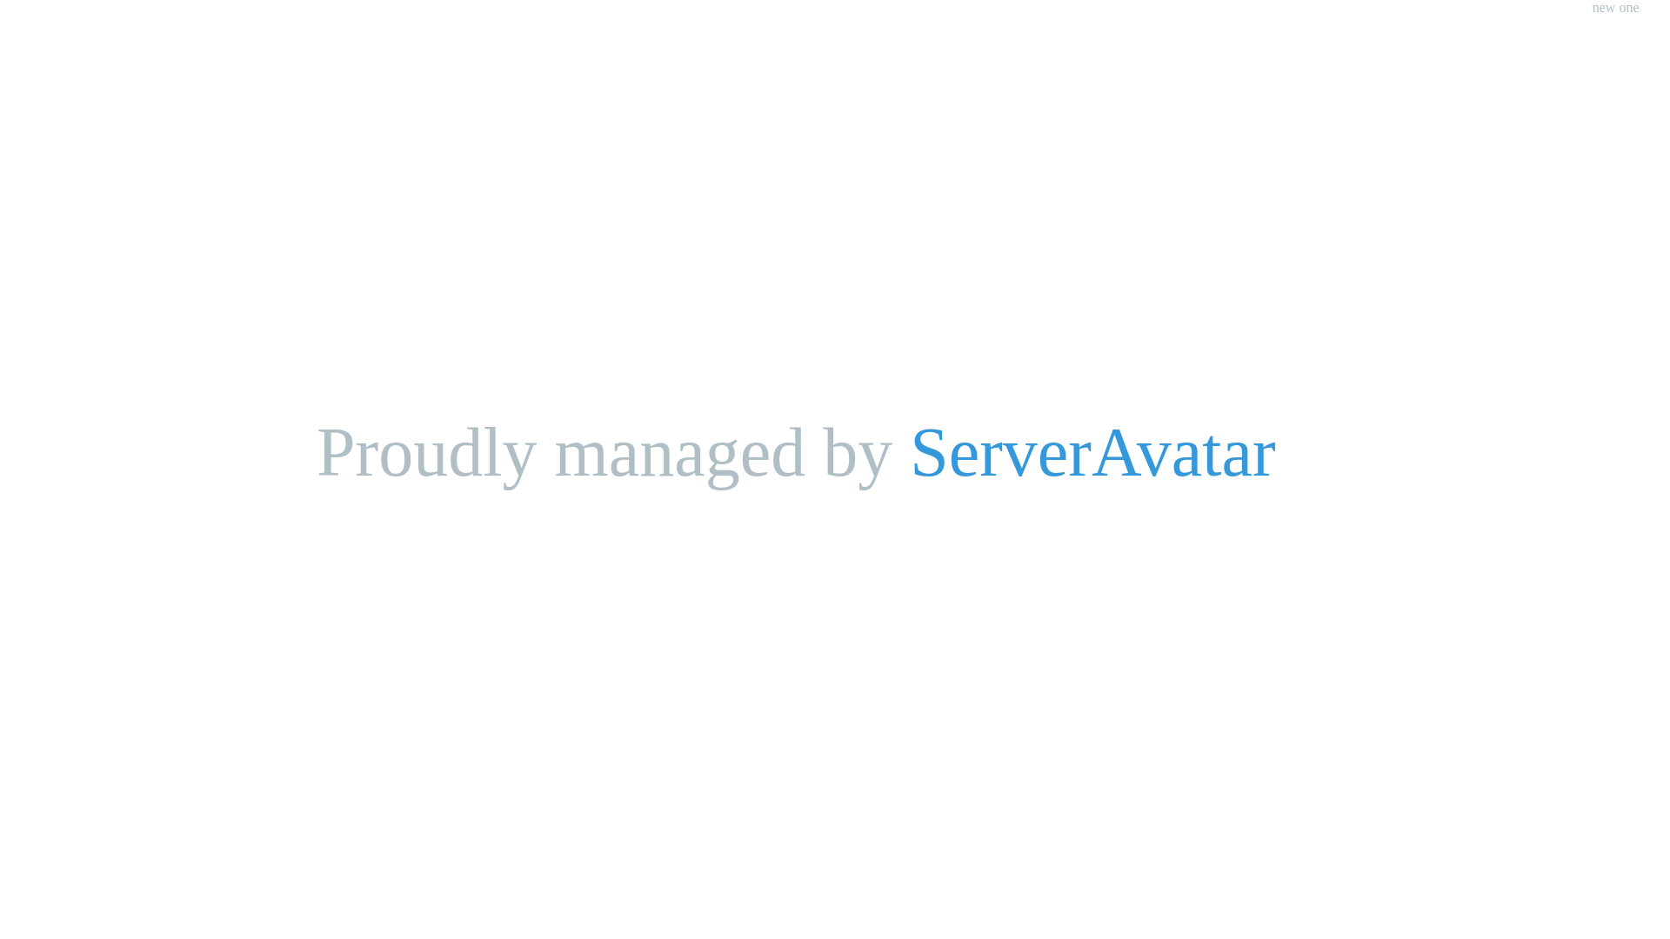 This screenshot has height=939, width=1670. What do you see at coordinates (1092, 451) in the screenshot?
I see `'ServerAvatar'` at bounding box center [1092, 451].